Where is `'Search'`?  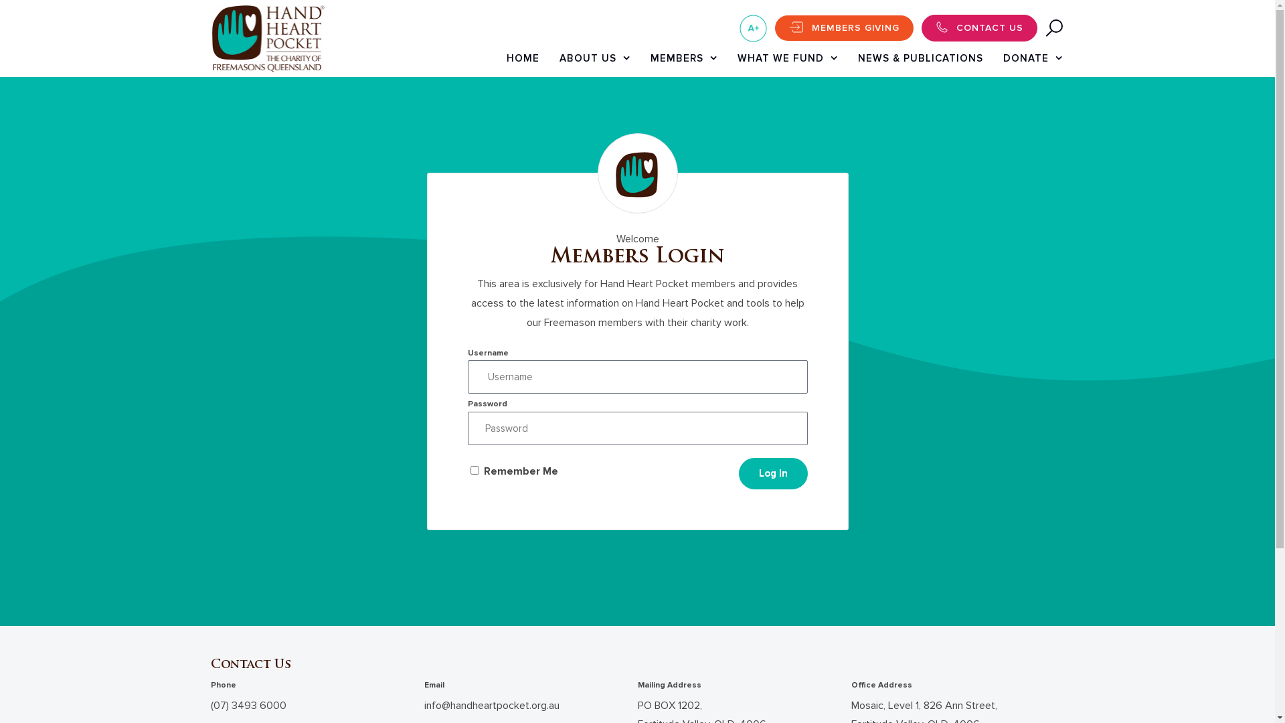
'Search' is located at coordinates (1009, 35).